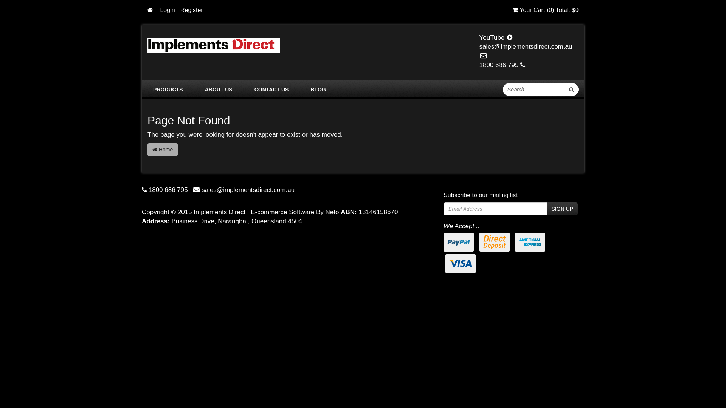 This screenshot has height=408, width=726. Describe the element at coordinates (213, 45) in the screenshot. I see `'Implements Direct'` at that location.